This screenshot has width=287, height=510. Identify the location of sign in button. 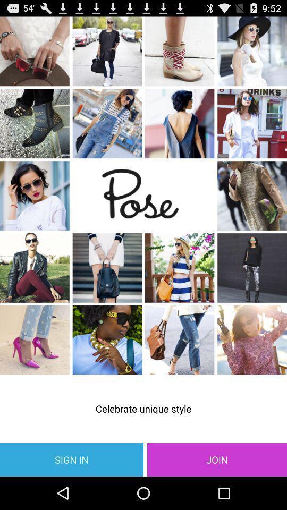
(72, 459).